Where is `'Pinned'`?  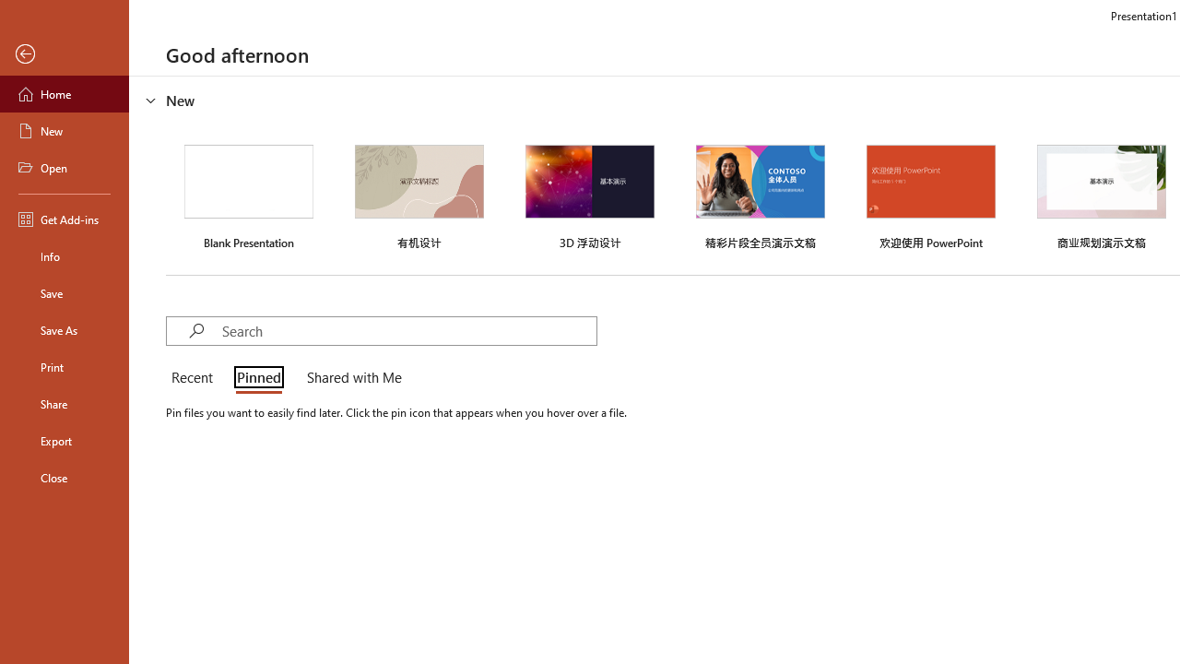
'Pinned' is located at coordinates (257, 378).